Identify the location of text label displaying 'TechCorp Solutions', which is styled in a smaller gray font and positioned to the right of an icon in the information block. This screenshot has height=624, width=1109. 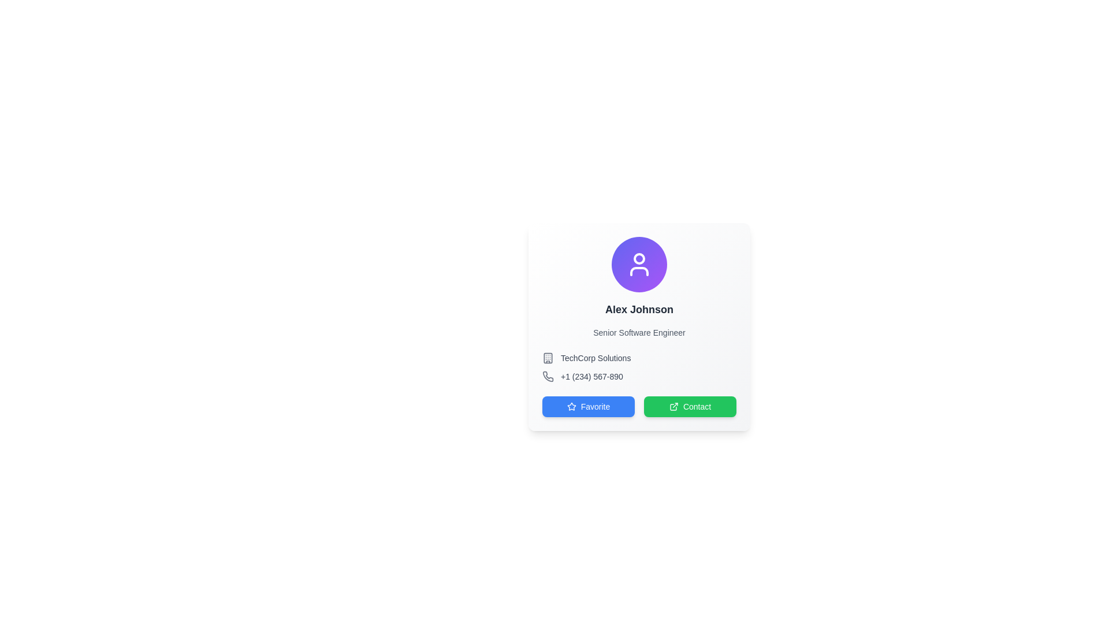
(596, 358).